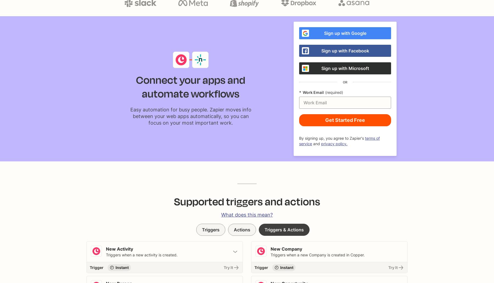 The width and height of the screenshot is (494, 283). I want to click on '*', so click(299, 92).